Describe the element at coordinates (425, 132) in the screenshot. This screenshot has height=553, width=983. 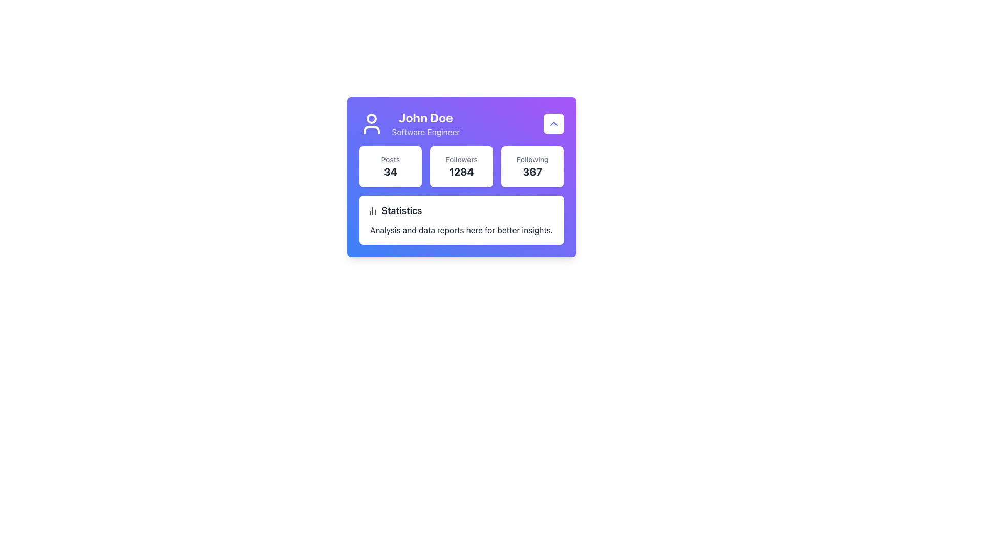
I see `the label indicating the professional title 'Software Engineer' for the user 'John Doe', which is located centrally below the name label in the user profile card` at that location.